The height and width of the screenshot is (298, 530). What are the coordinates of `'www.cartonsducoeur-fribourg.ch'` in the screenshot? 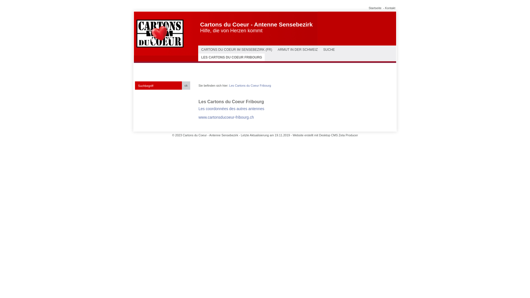 It's located at (198, 117).